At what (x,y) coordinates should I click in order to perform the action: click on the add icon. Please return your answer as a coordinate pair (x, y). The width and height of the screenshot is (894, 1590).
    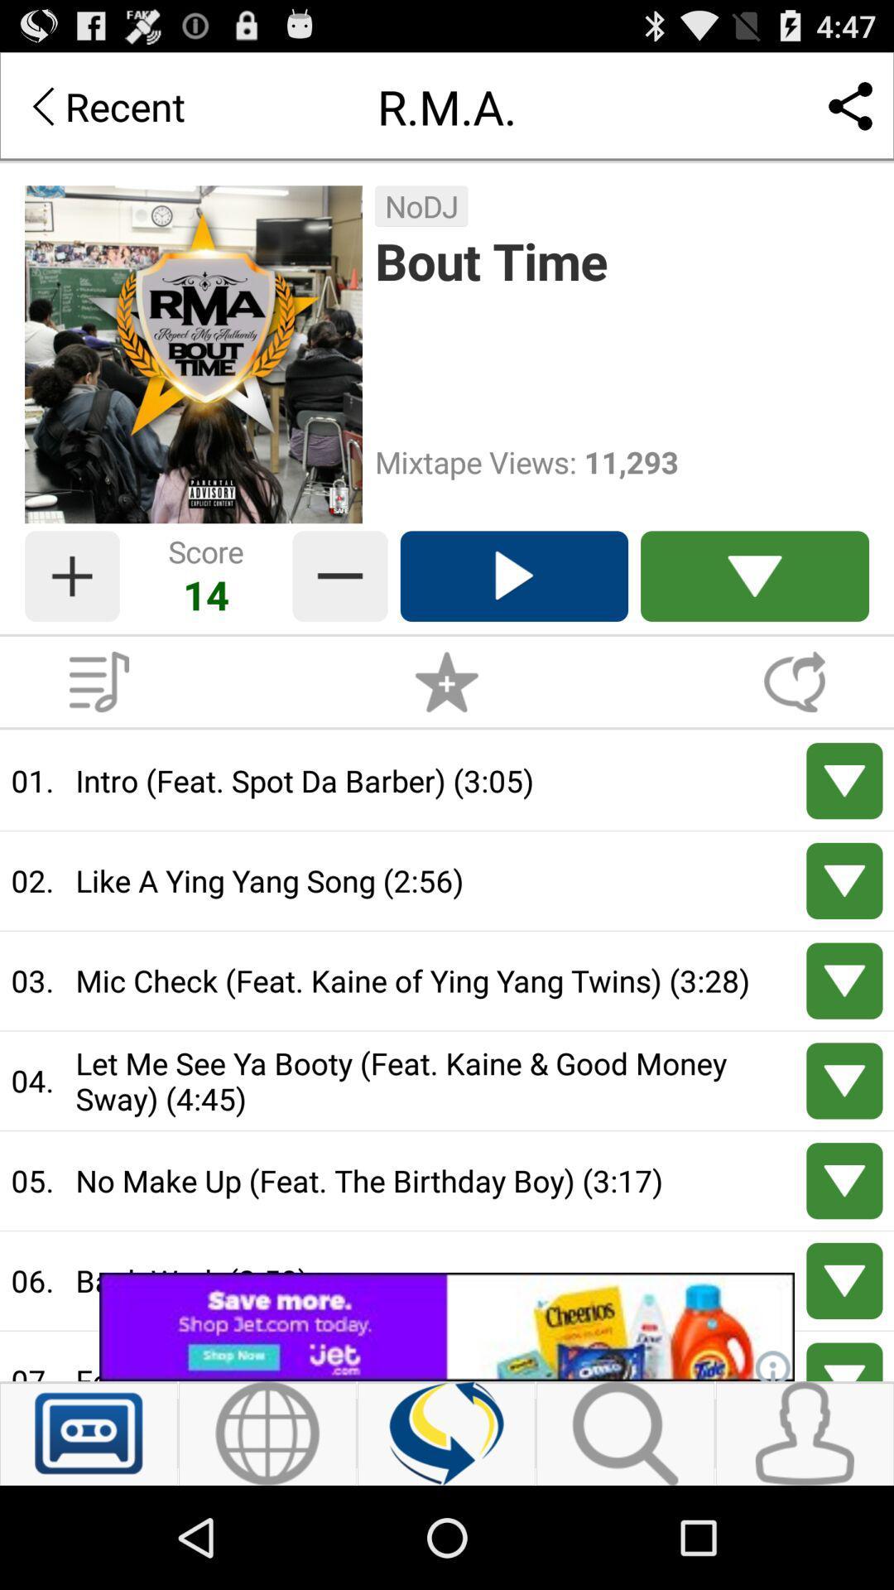
    Looking at the image, I should click on (71, 615).